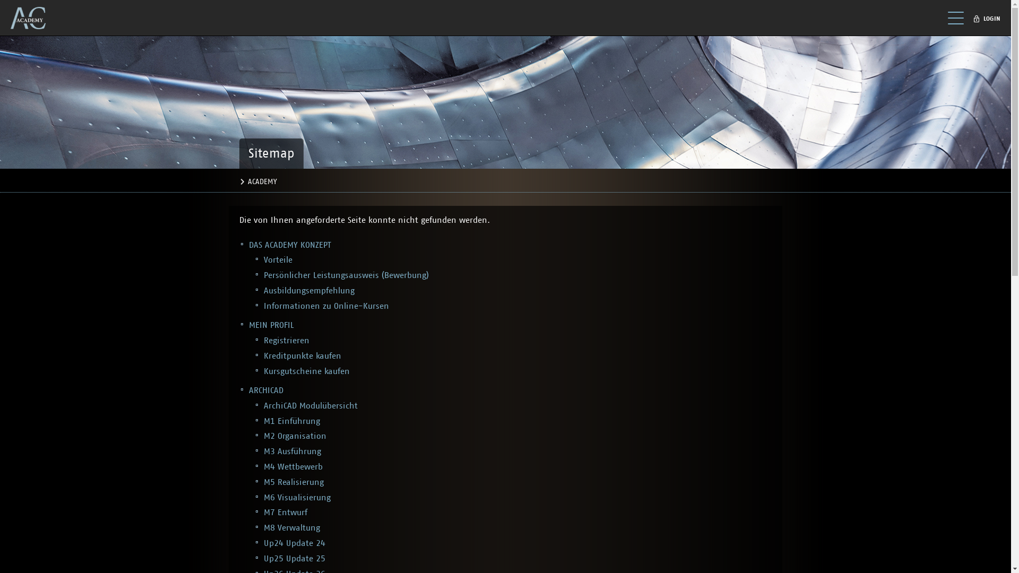  Describe the element at coordinates (264, 306) in the screenshot. I see `'Informationen zu Online-Kursen'` at that location.